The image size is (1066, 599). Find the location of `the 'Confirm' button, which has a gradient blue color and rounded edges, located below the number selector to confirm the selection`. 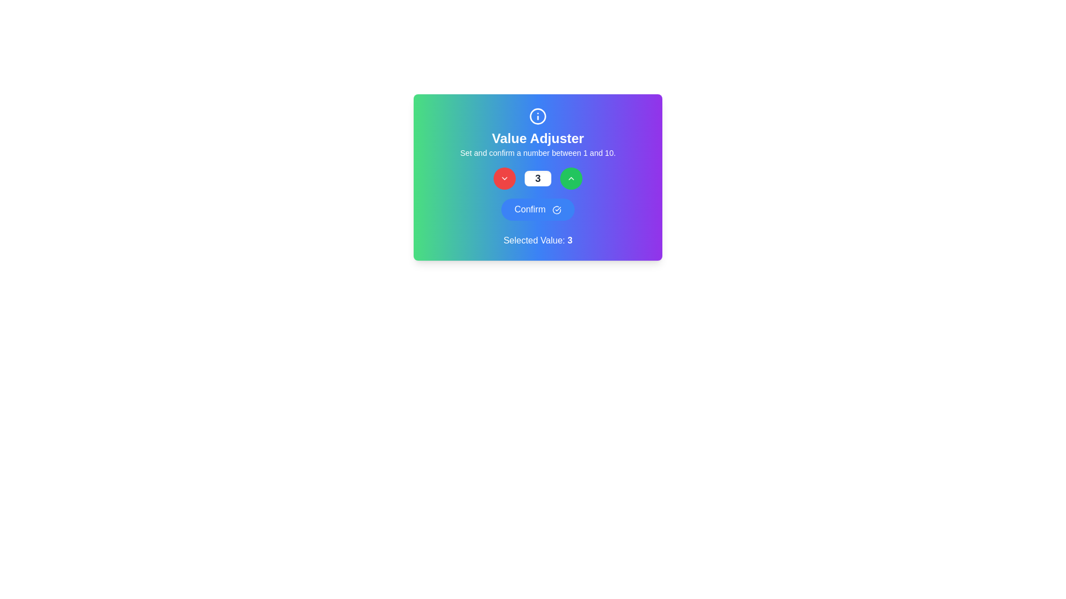

the 'Confirm' button, which has a gradient blue color and rounded edges, located below the number selector to confirm the selection is located at coordinates (538, 194).